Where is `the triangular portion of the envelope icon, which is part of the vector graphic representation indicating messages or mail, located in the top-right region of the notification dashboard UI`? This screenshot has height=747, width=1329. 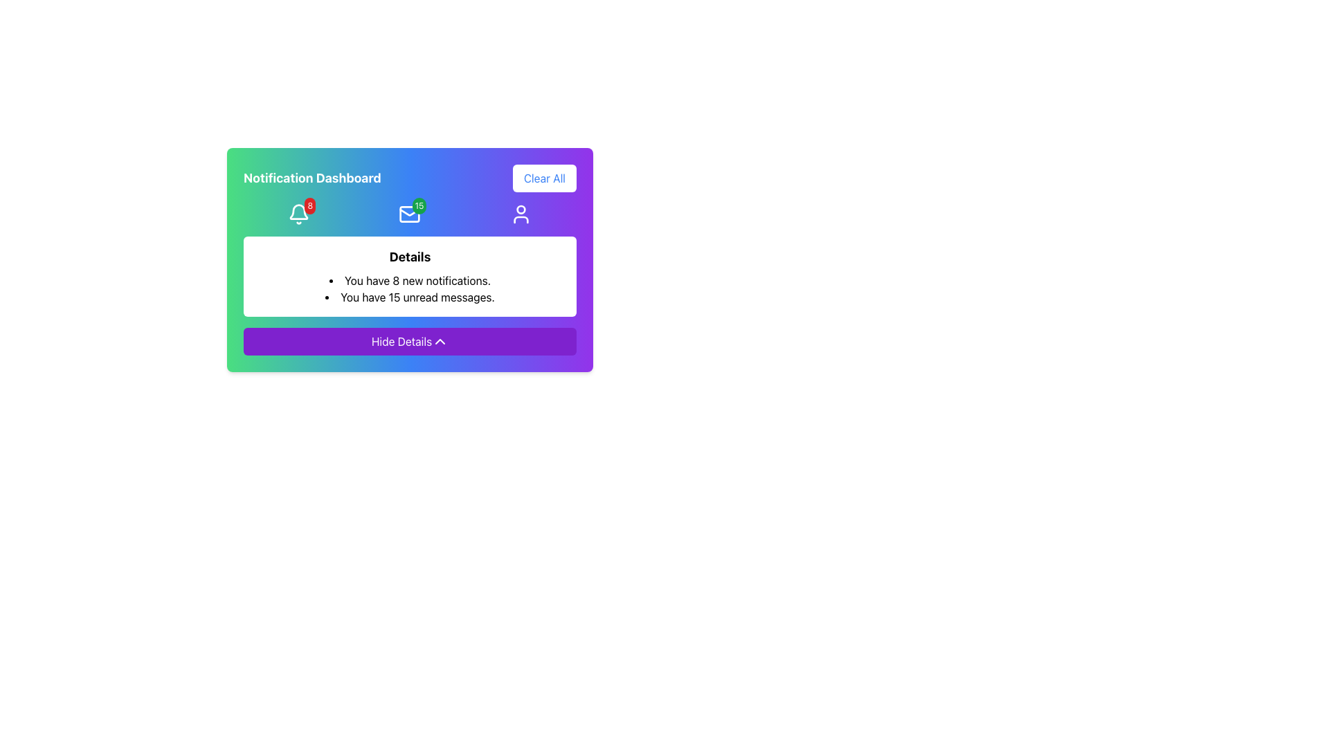
the triangular portion of the envelope icon, which is part of the vector graphic representation indicating messages or mail, located in the top-right region of the notification dashboard UI is located at coordinates (409, 212).